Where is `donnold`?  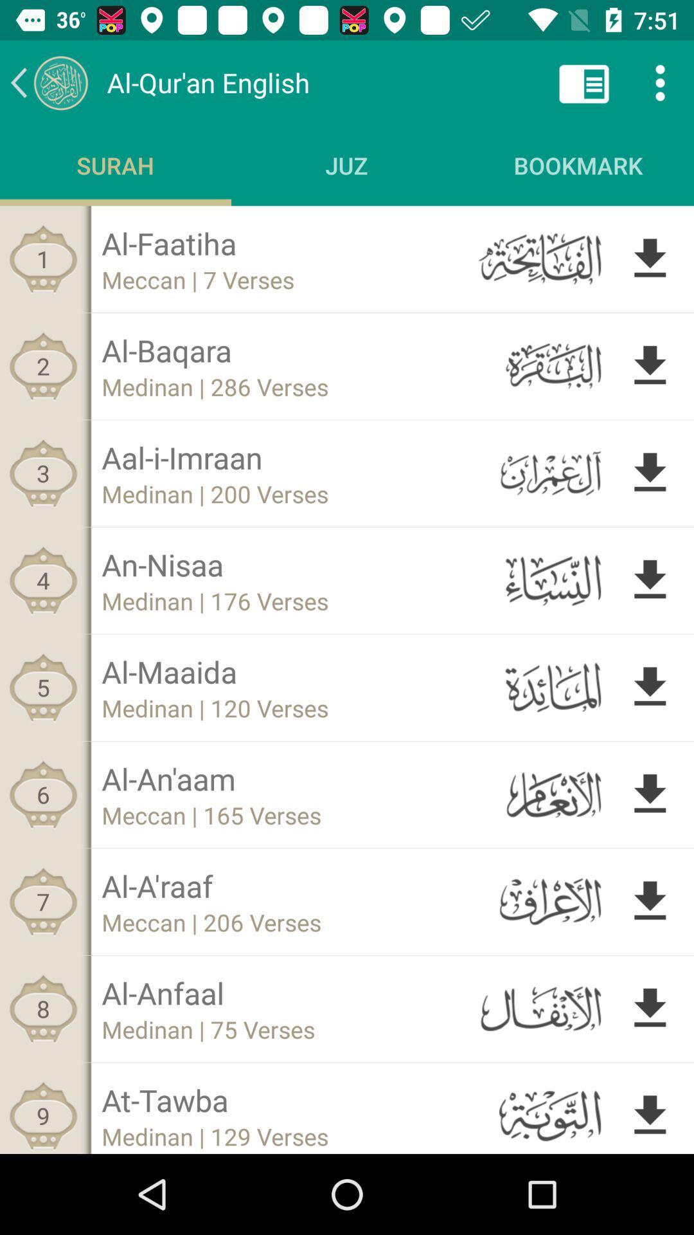
donnold is located at coordinates (650, 901).